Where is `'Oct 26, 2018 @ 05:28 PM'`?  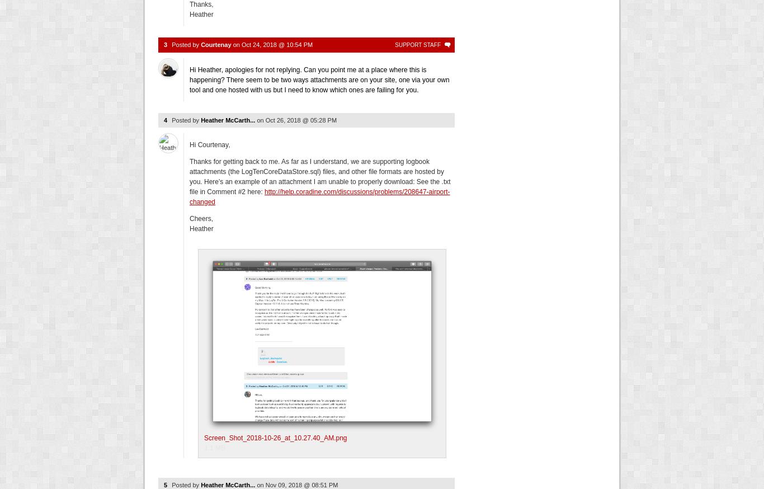
'Oct 26, 2018 @ 05:28 PM' is located at coordinates (265, 119).